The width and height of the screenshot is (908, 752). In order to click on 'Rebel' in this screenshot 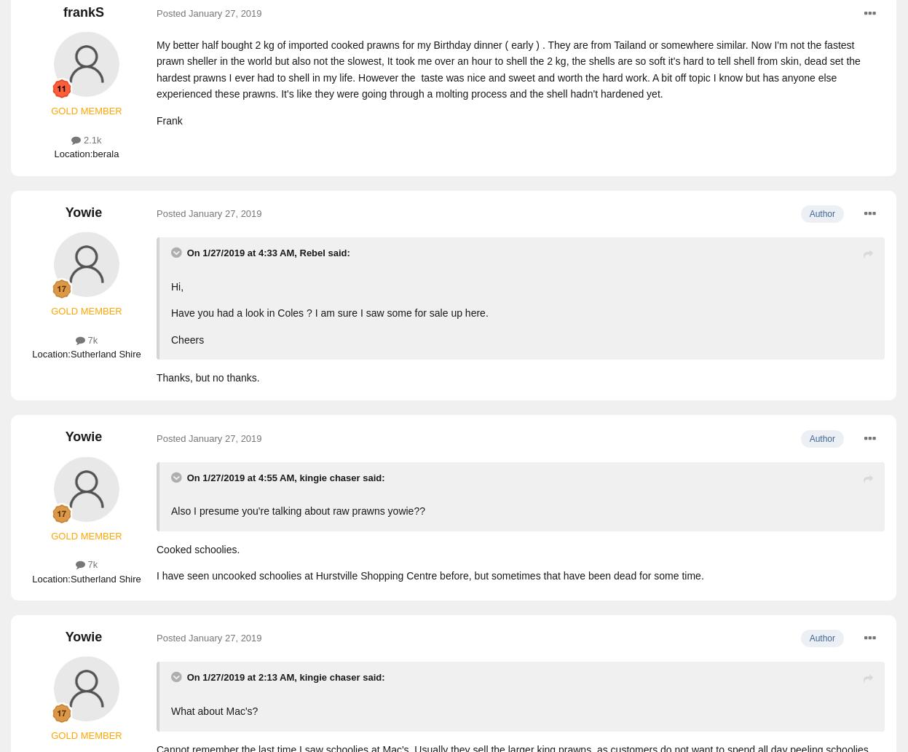, I will do `click(312, 253)`.